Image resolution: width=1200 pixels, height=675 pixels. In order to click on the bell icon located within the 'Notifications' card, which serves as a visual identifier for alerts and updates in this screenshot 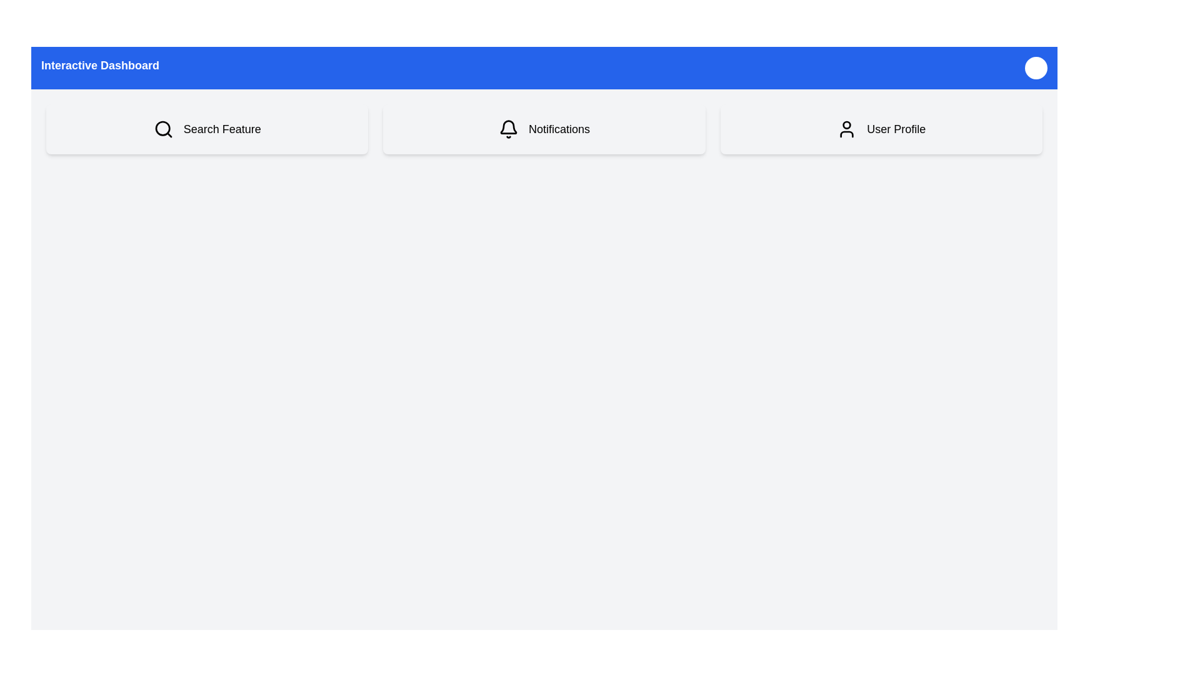, I will do `click(508, 129)`.